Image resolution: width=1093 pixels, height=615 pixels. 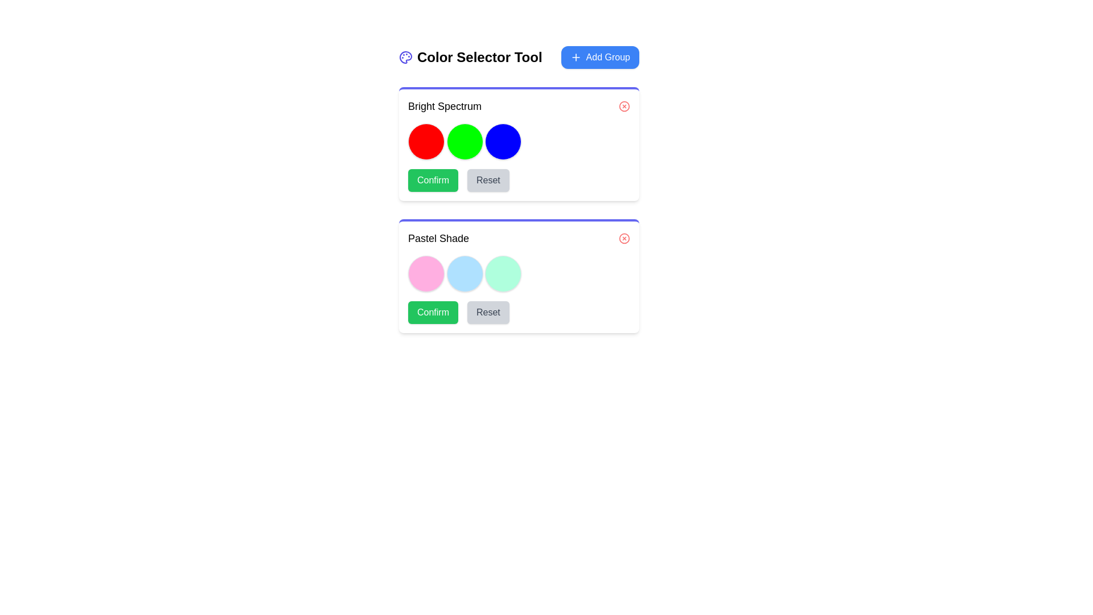 I want to click on the text label displaying 'Pastel Shade', located at the top-left corner of the section containing pastel-colored circles and control buttons, so click(x=438, y=238).